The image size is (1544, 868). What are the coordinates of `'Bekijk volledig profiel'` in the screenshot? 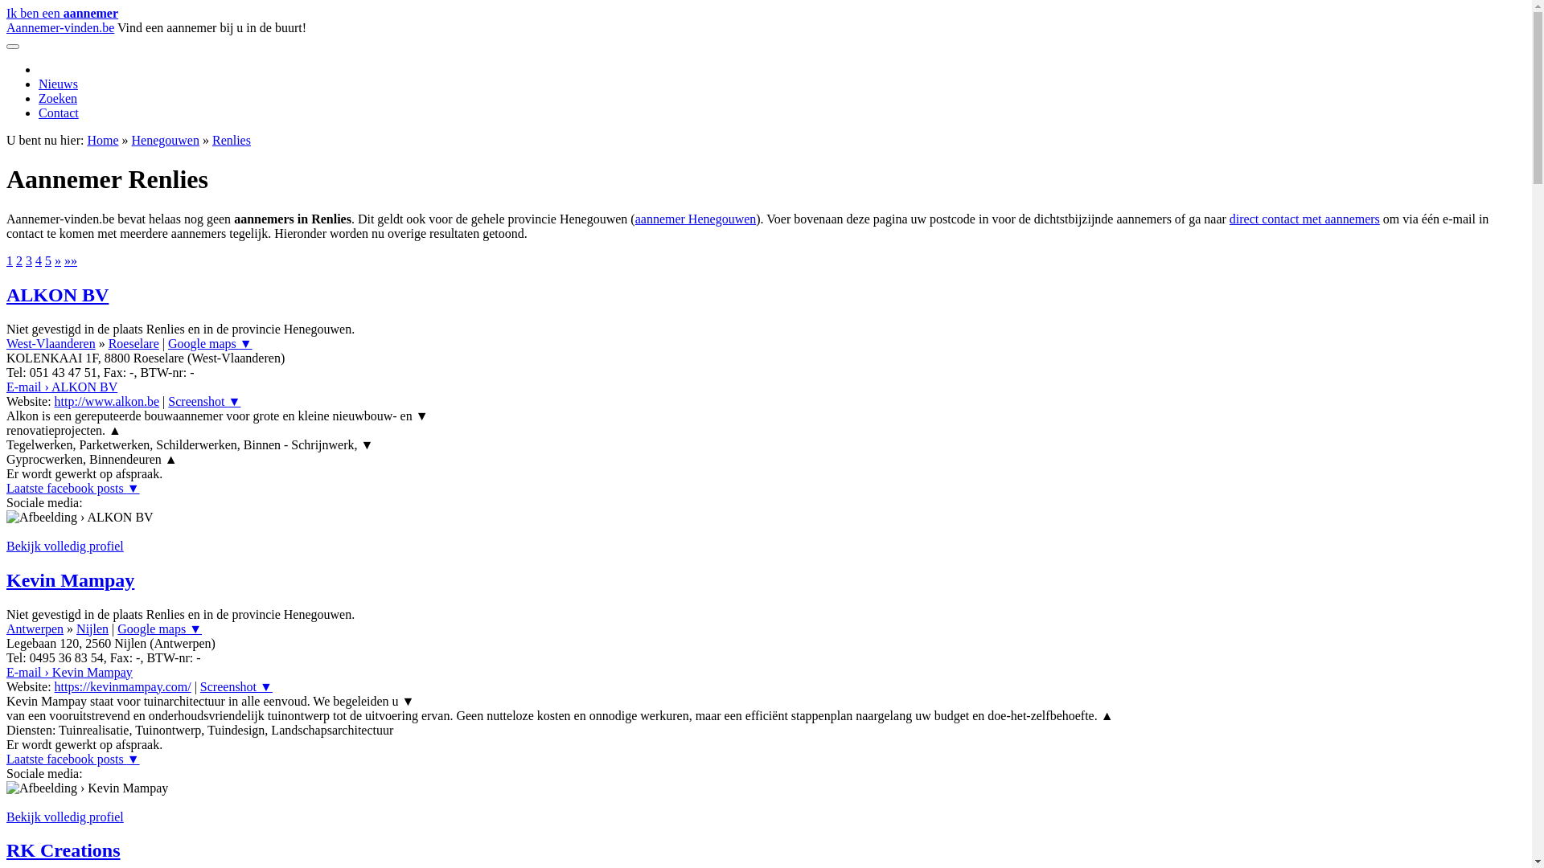 It's located at (6, 817).